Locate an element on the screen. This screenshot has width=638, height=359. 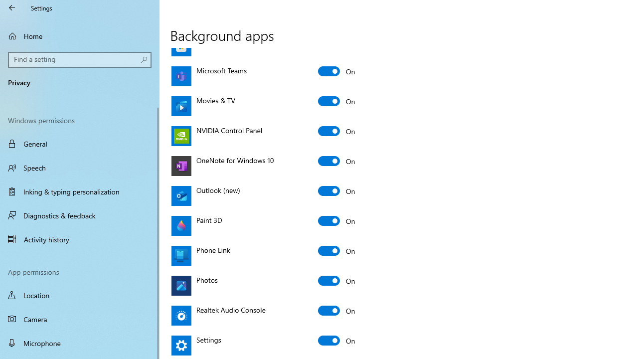
'Home' is located at coordinates (80, 35).